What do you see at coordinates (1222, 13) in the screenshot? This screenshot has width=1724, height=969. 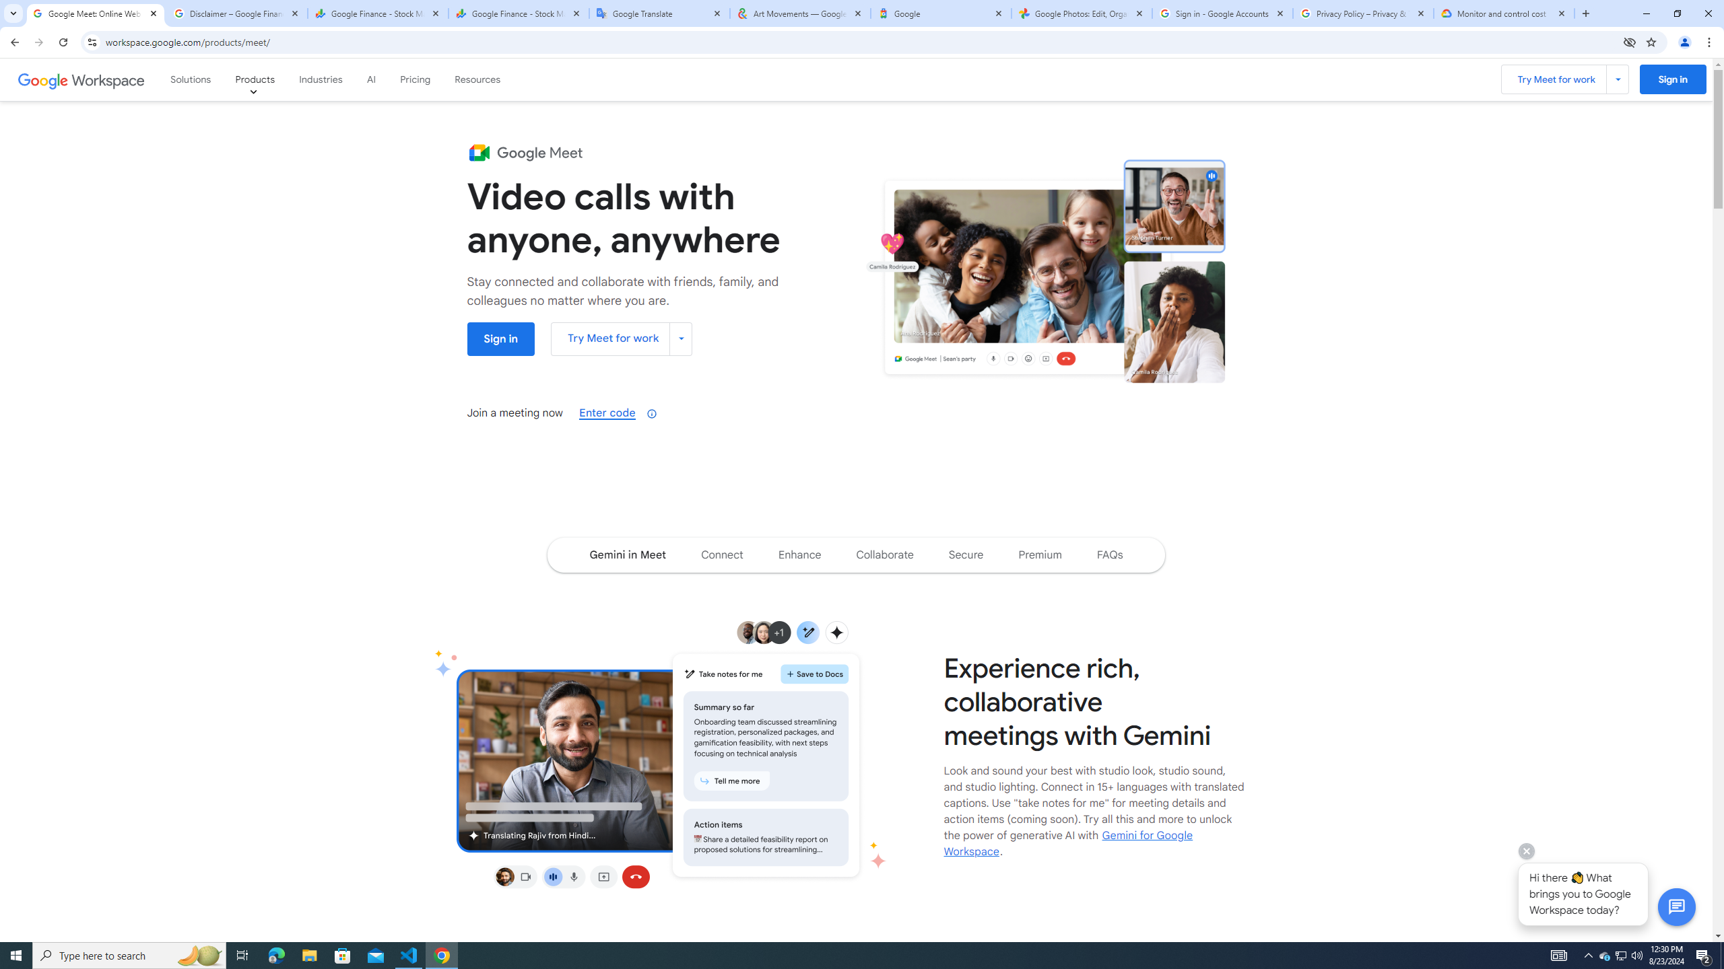 I see `'Sign in - Google Accounts'` at bounding box center [1222, 13].